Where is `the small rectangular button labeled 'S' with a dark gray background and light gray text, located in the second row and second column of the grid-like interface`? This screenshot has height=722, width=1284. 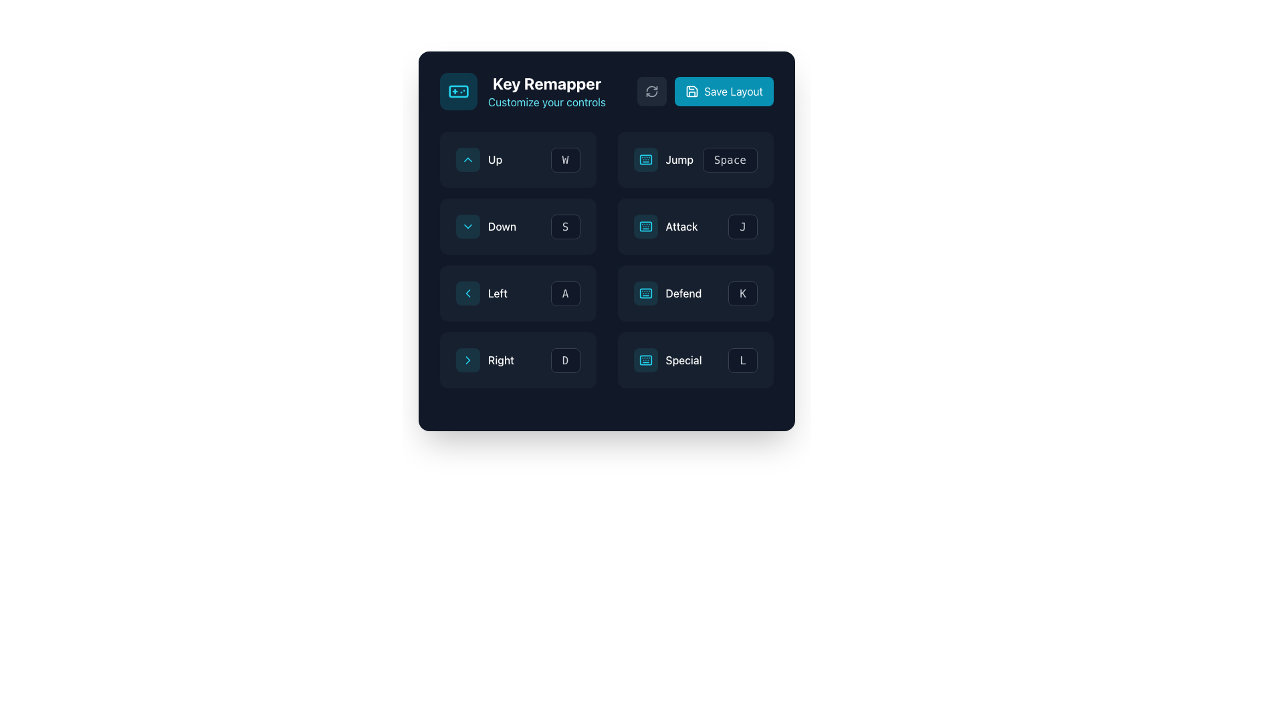 the small rectangular button labeled 'S' with a dark gray background and light gray text, located in the second row and second column of the grid-like interface is located at coordinates (565, 226).